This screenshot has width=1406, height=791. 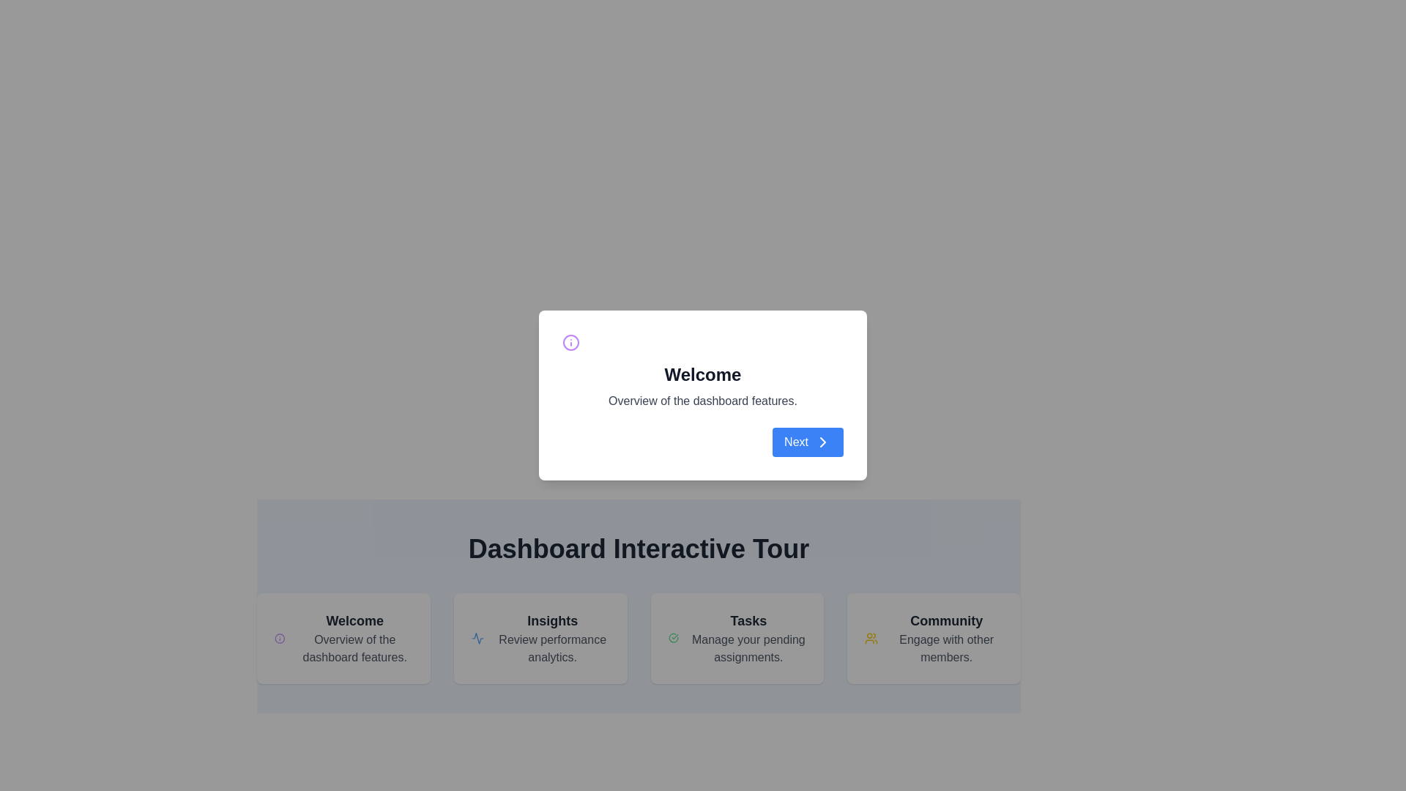 I want to click on the text block containing the phrase 'Review performance analytics.' which is centrally aligned and styled in gray, located beneath the 'Insights' heading, so click(x=551, y=648).